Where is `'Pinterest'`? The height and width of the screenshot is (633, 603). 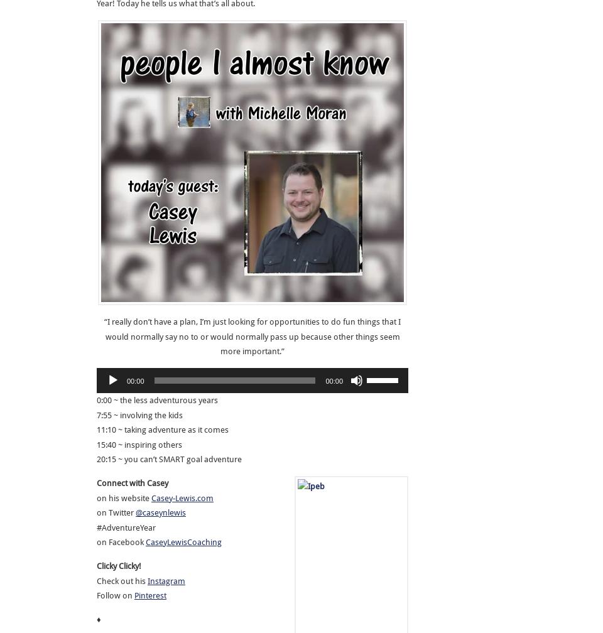 'Pinterest' is located at coordinates (134, 595).